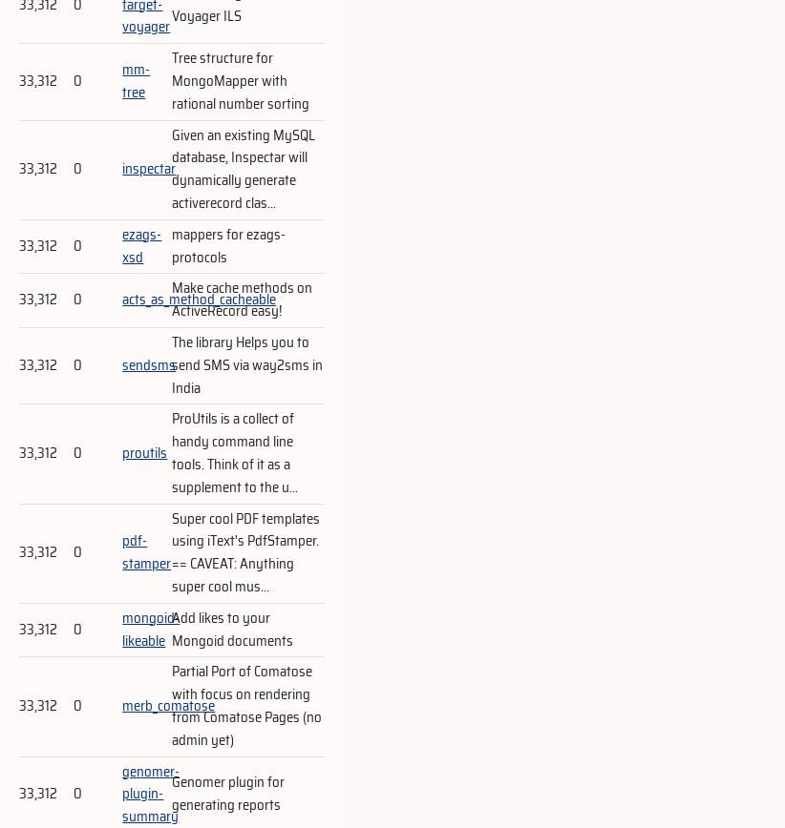  What do you see at coordinates (121, 168) in the screenshot?
I see `'inspectar'` at bounding box center [121, 168].